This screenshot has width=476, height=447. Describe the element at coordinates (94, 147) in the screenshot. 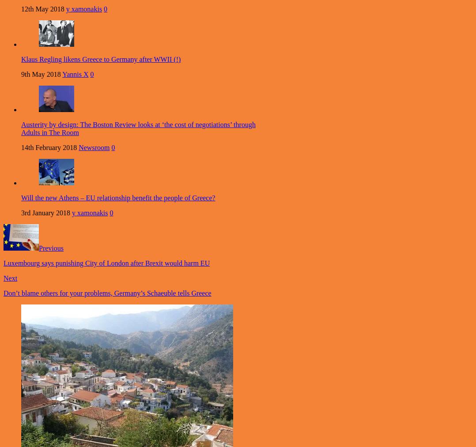

I see `'Newsroom'` at that location.